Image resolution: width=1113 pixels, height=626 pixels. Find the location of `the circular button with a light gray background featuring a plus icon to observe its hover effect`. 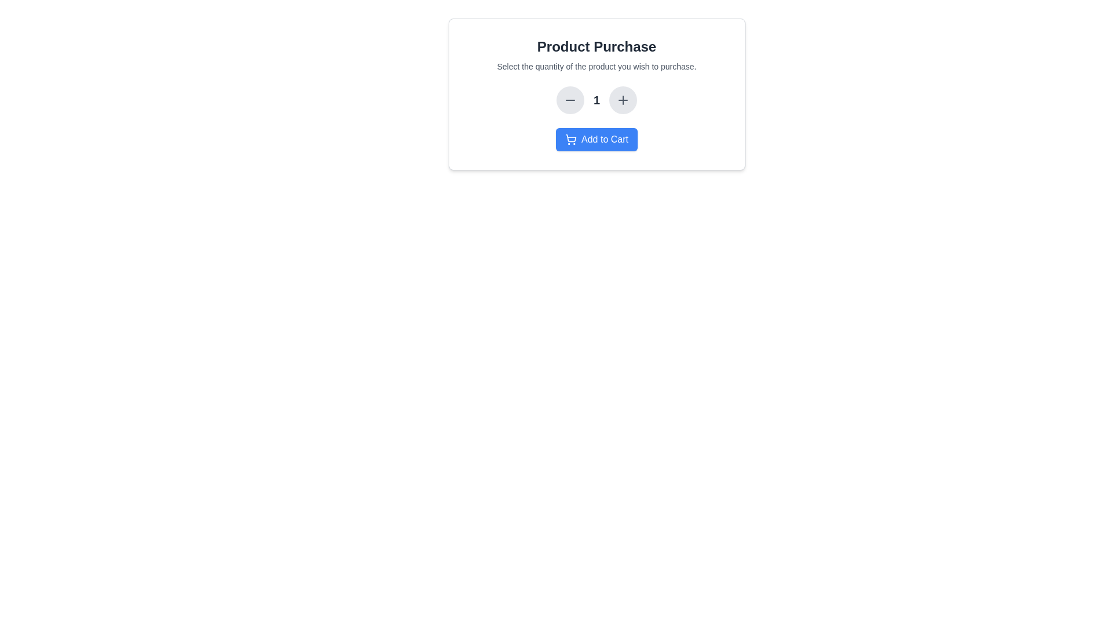

the circular button with a light gray background featuring a plus icon to observe its hover effect is located at coordinates (623, 100).